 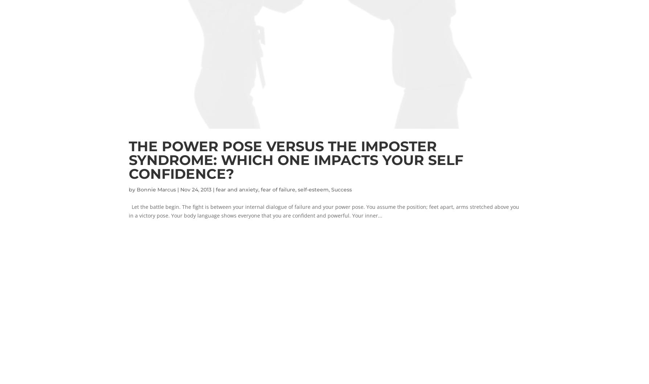 What do you see at coordinates (278, 189) in the screenshot?
I see `'fear of failure'` at bounding box center [278, 189].